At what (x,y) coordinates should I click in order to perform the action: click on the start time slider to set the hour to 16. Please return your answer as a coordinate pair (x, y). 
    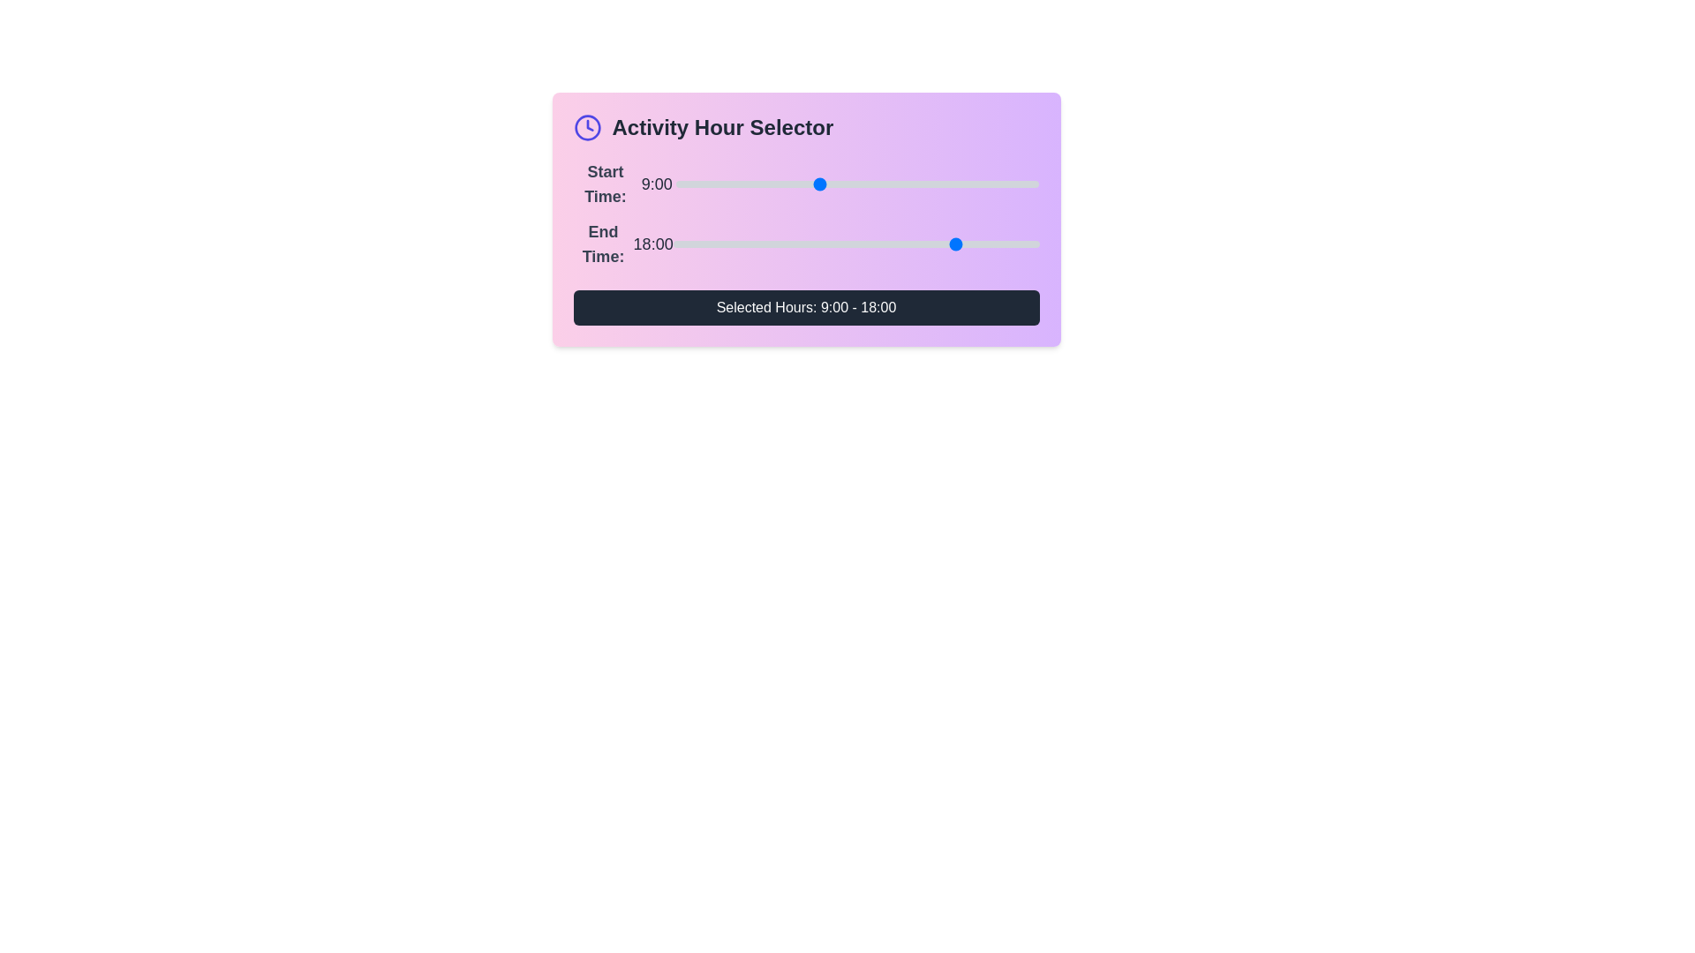
    Looking at the image, I should click on (928, 184).